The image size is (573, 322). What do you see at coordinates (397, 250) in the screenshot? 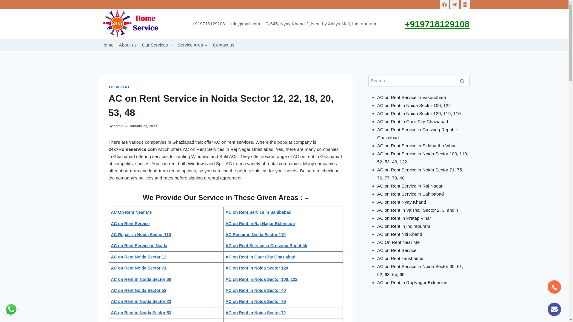
I see `'AC on Rent Service'` at bounding box center [397, 250].